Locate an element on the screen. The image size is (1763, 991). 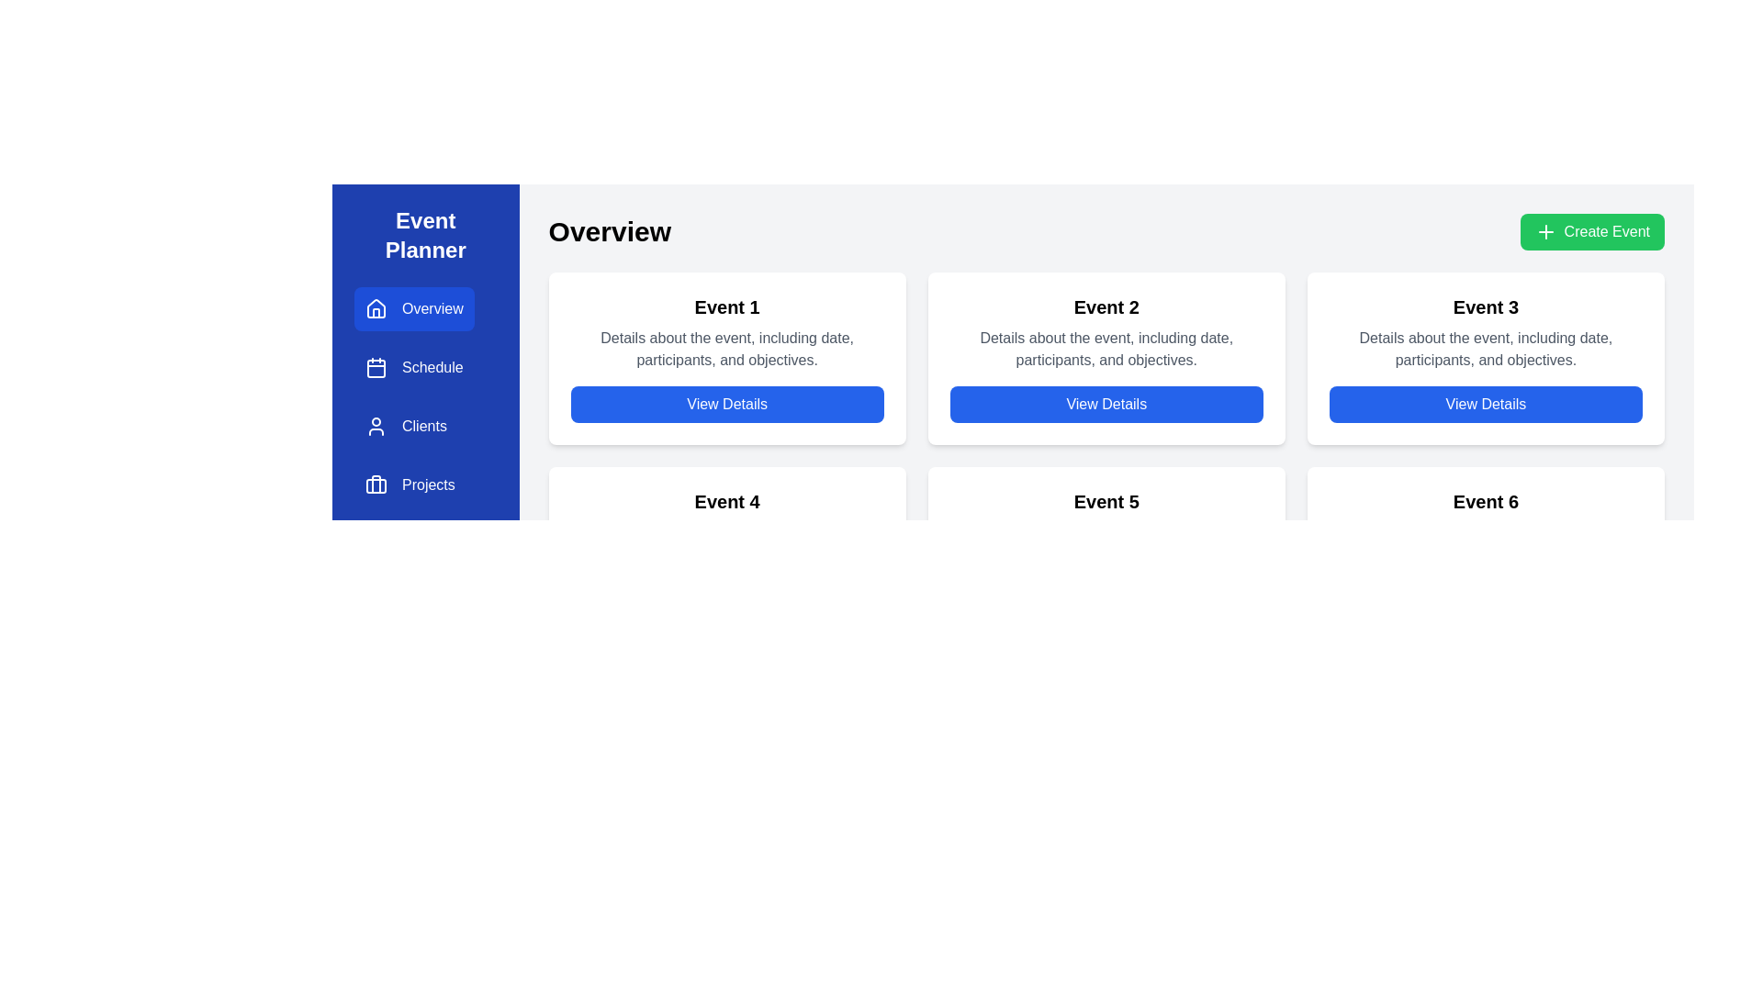
the small blue rectangular shape with rounded corners that is part of the calendar icon in the sidebar is located at coordinates (375, 368).